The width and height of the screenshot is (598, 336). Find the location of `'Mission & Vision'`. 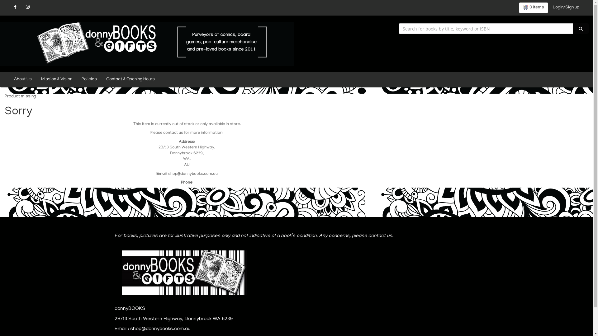

'Mission & Vision' is located at coordinates (36, 79).